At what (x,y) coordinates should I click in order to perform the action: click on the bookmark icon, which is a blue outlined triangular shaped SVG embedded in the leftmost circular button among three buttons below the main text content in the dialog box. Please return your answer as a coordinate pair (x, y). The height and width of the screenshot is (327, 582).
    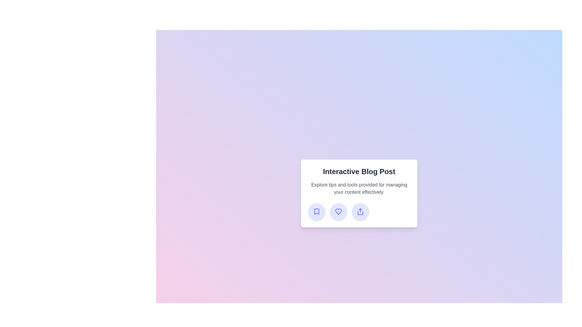
    Looking at the image, I should click on (316, 211).